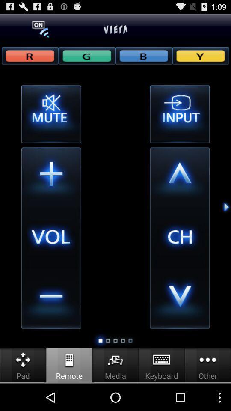 This screenshot has height=411, width=231. I want to click on r button, so click(30, 55).